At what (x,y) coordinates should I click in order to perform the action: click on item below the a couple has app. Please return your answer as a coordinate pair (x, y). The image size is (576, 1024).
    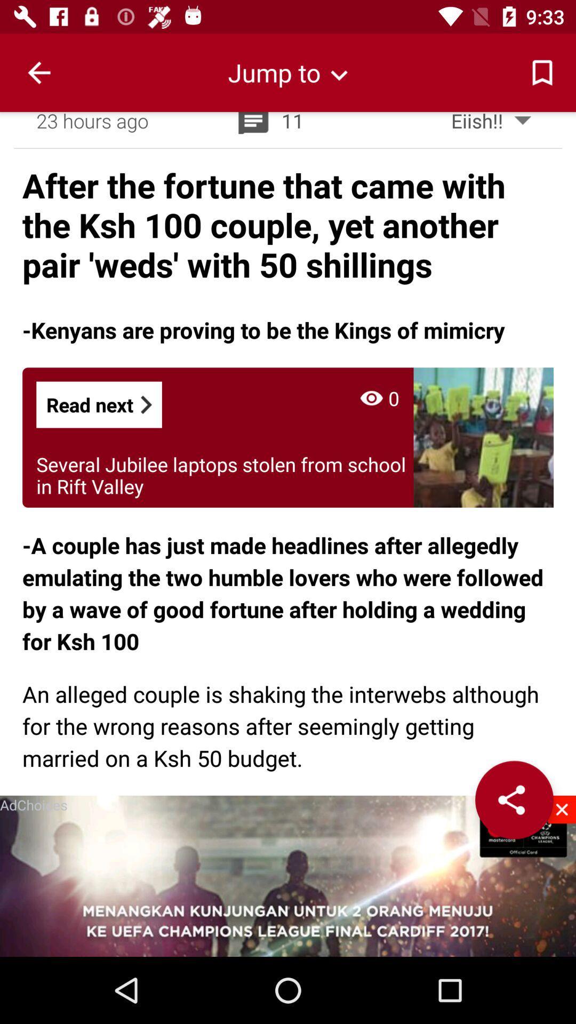
    Looking at the image, I should click on (288, 725).